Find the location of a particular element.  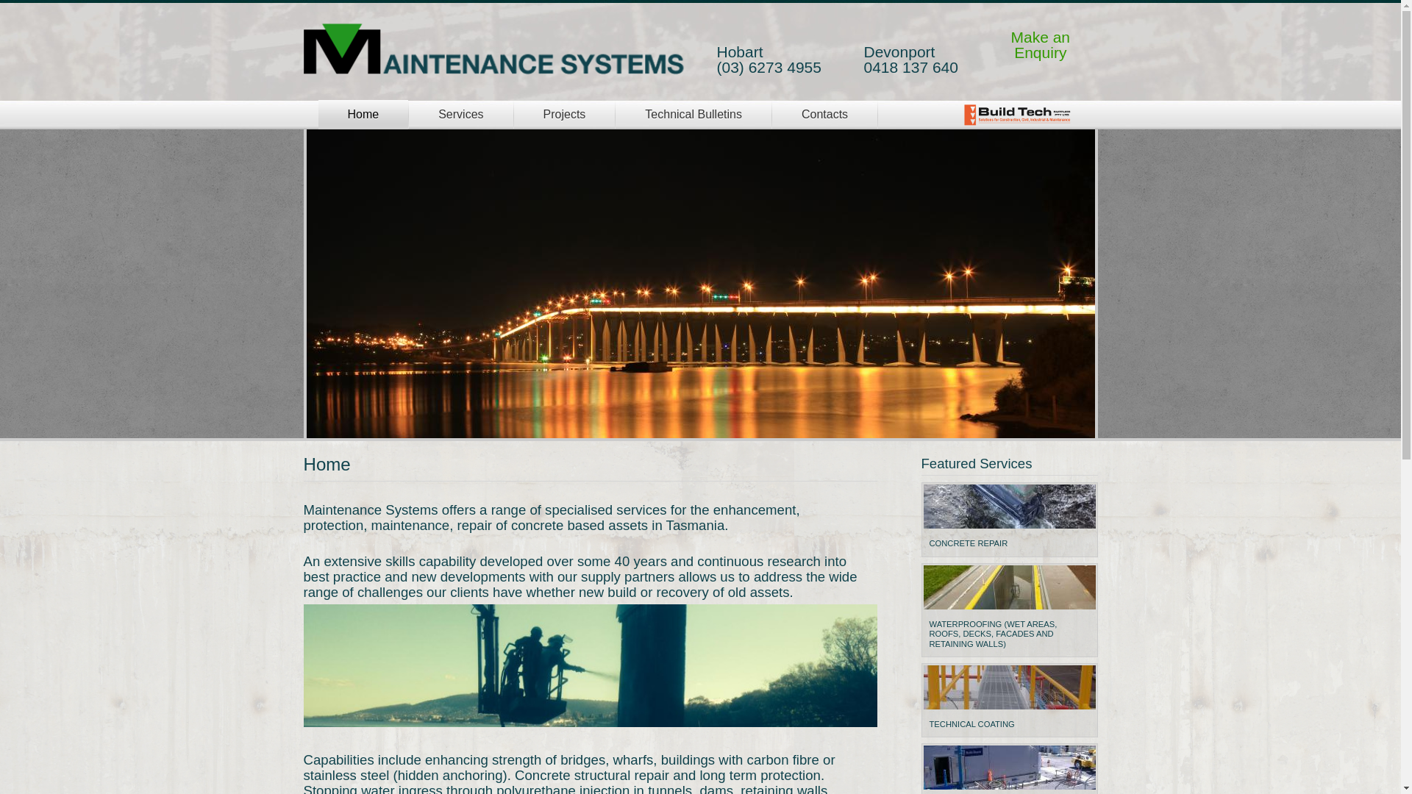

'Home' is located at coordinates (363, 113).